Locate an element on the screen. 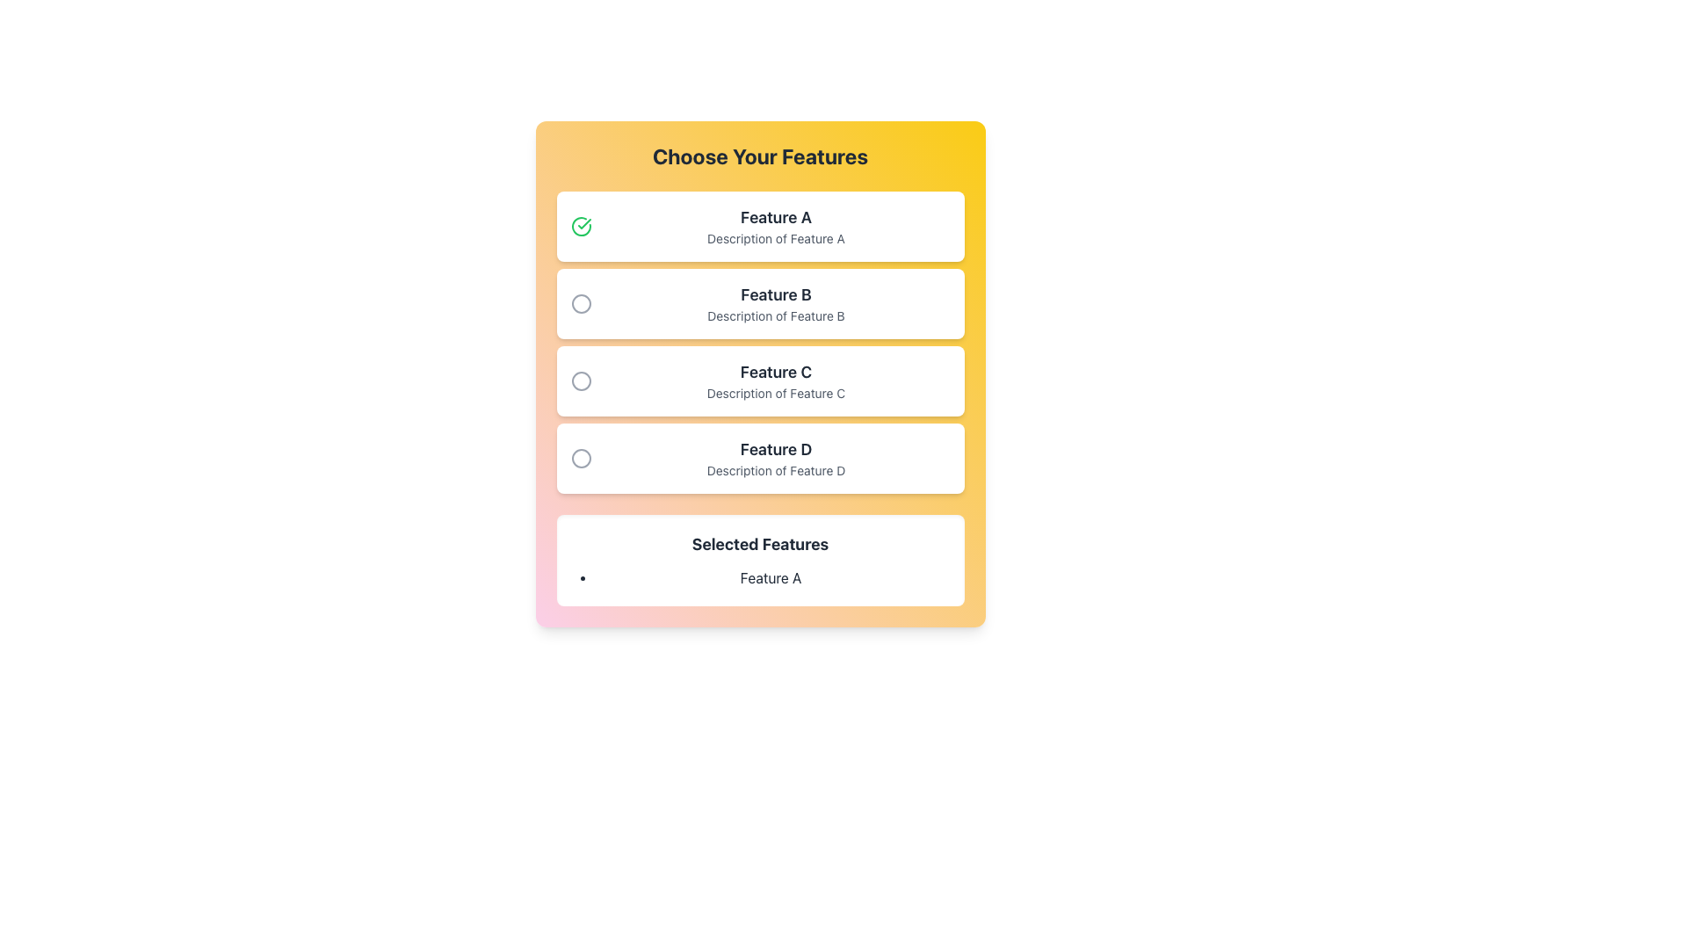 The width and height of the screenshot is (1687, 949). the third radio button indicator in the vertical list, which is associated with 'Feature C' is located at coordinates (581, 380).